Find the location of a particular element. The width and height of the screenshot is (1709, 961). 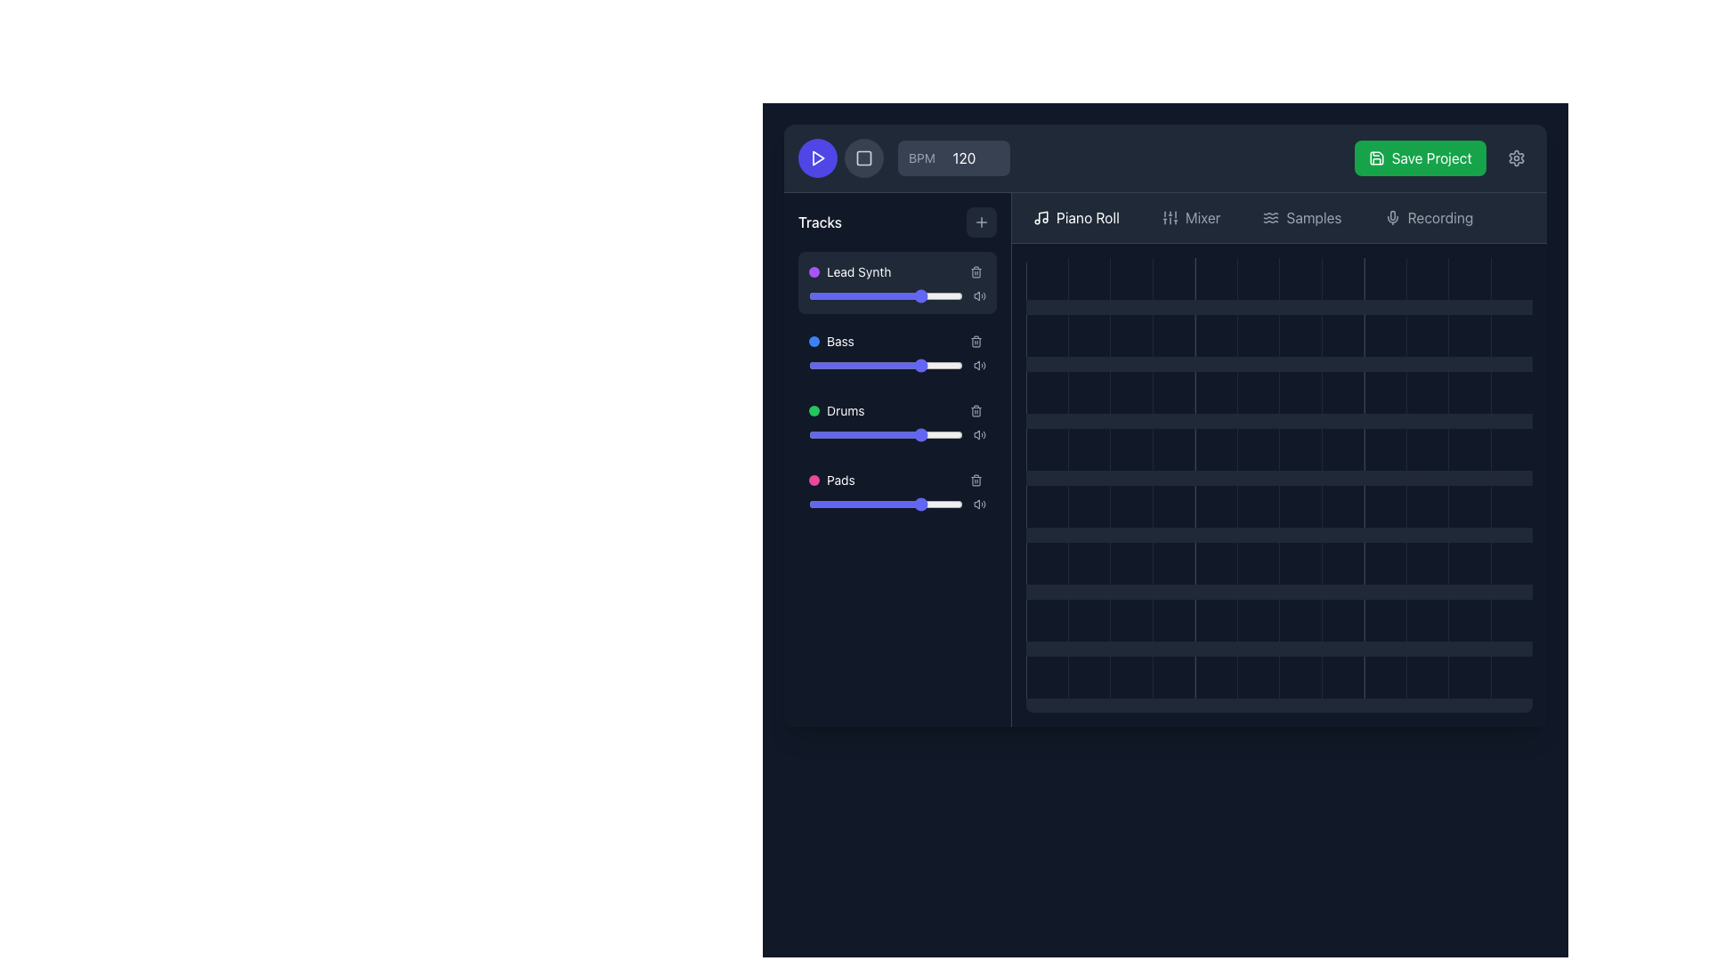

the dark grey grid cell located in the 5th row and 2nd column is located at coordinates (1088, 563).